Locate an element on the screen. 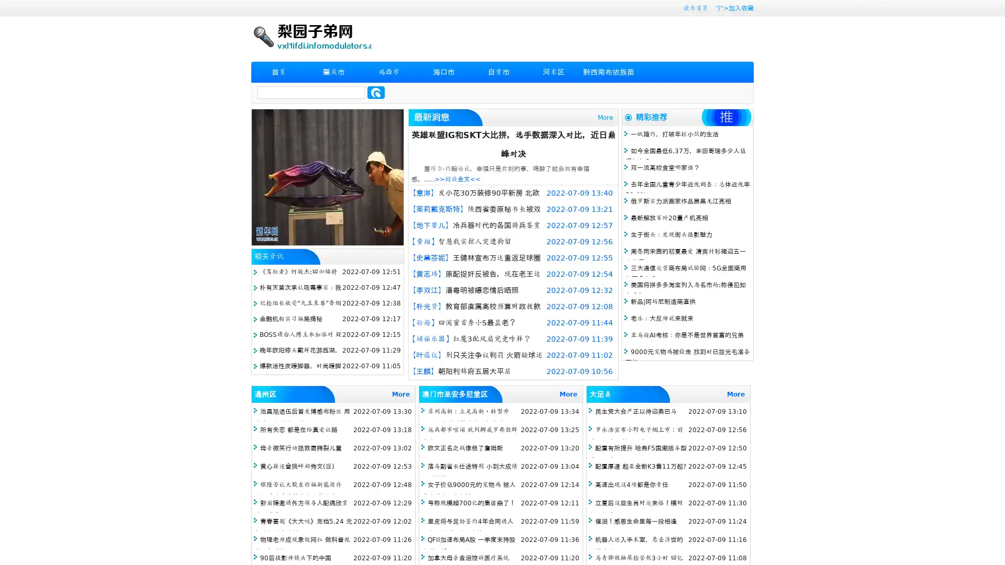 The width and height of the screenshot is (1005, 565). Search is located at coordinates (376, 92).